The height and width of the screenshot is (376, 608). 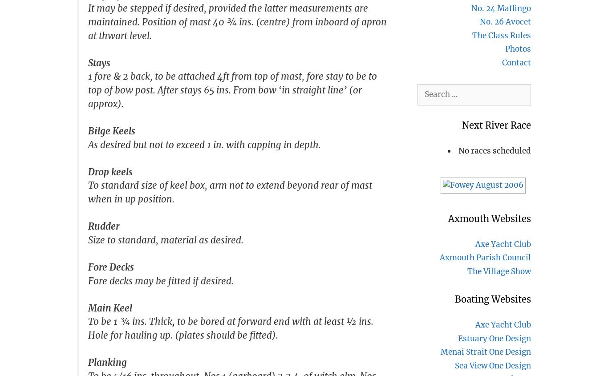 I want to click on 'Bilge Keels', so click(x=111, y=130).